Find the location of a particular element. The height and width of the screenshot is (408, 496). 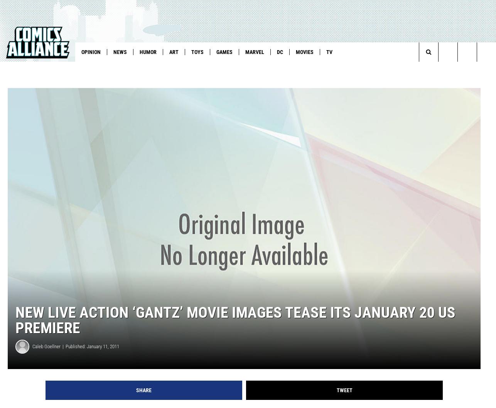

'New Live Action ‘Gantz’ Movie Images Tease its January 20 US Premiere' is located at coordinates (235, 332).